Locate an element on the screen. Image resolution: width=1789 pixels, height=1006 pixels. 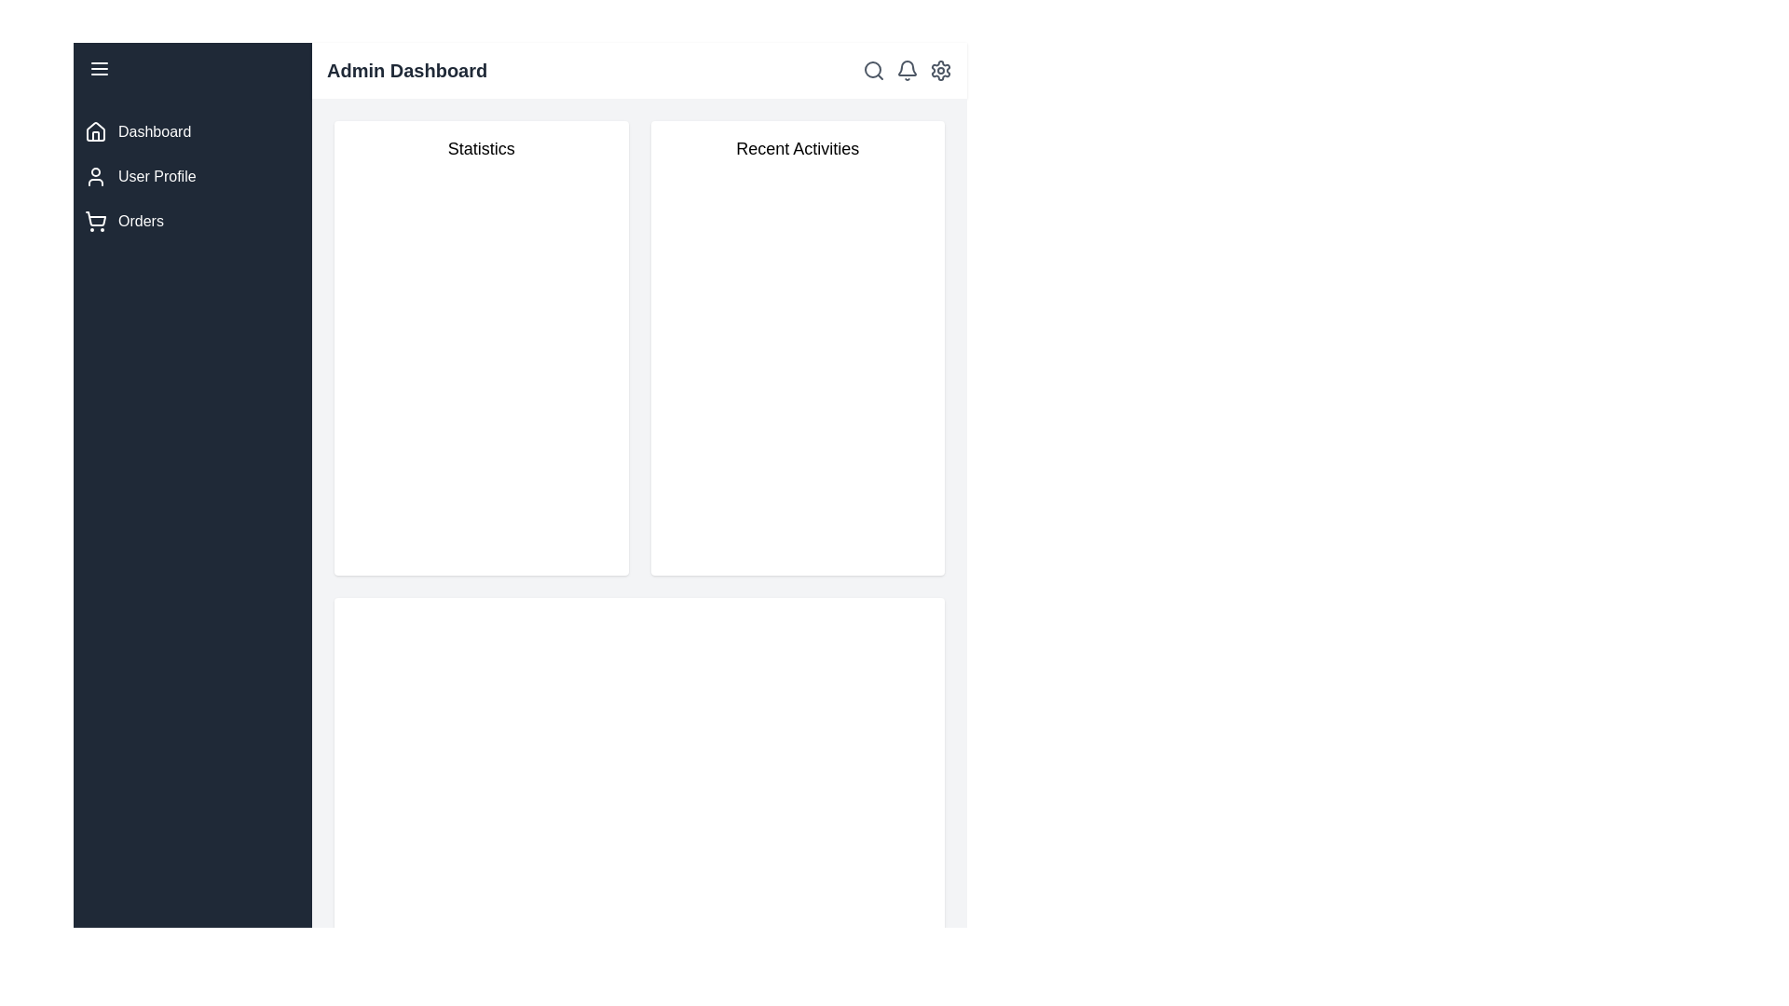
the 'Orders' menu item is located at coordinates (192, 221).